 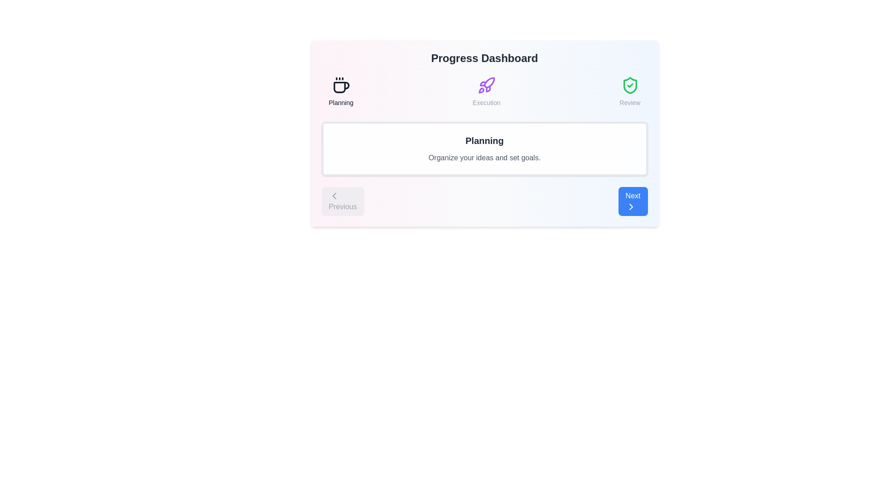 What do you see at coordinates (340, 92) in the screenshot?
I see `the stage icon to view its details. Specify the stage as Planning` at bounding box center [340, 92].